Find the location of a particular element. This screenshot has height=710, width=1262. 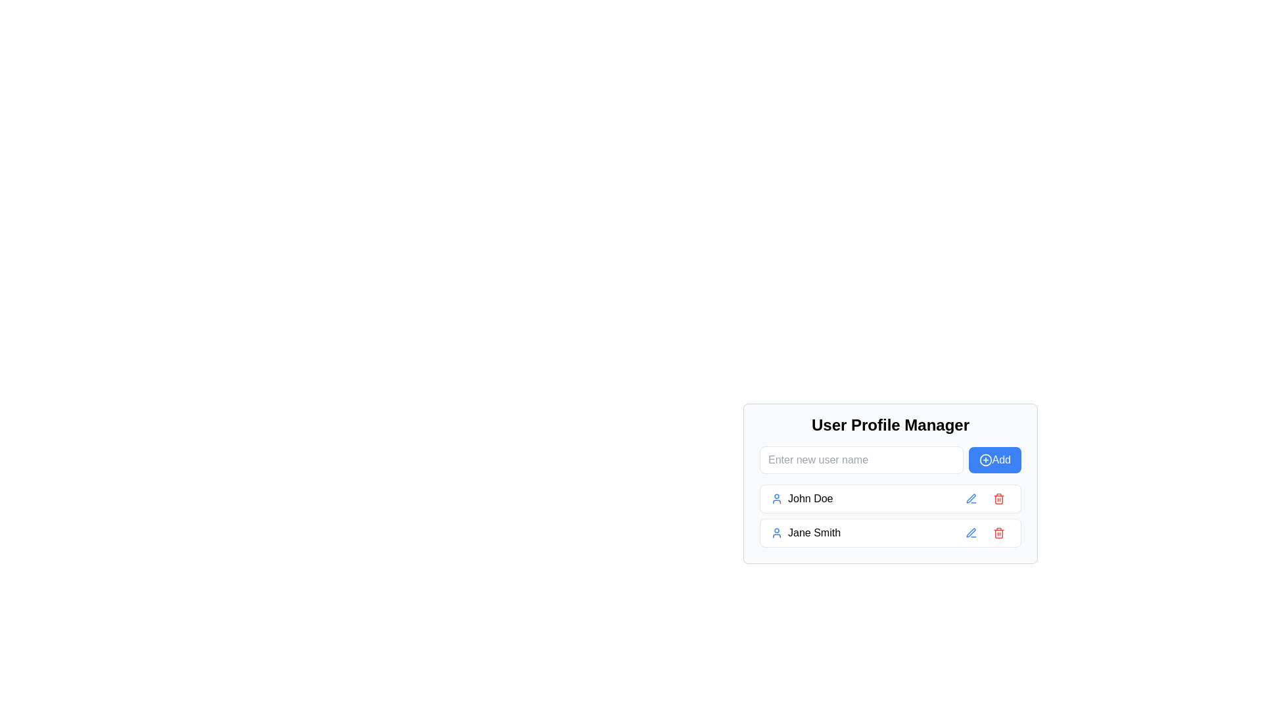

the pen icon located in the first row of user profiles next to 'John Doe' is located at coordinates (971, 532).